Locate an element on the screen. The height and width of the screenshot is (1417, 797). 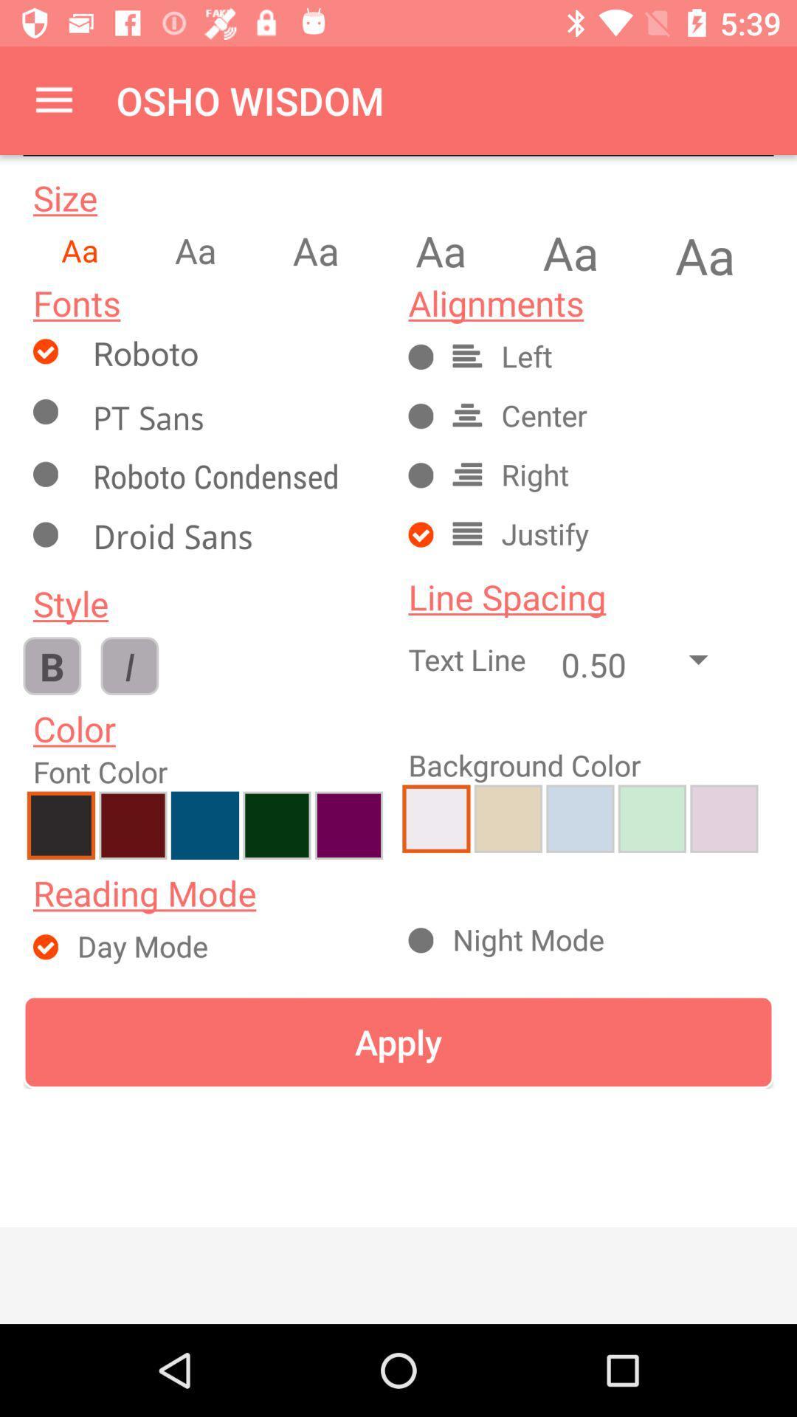
change background color to green is located at coordinates (651, 818).